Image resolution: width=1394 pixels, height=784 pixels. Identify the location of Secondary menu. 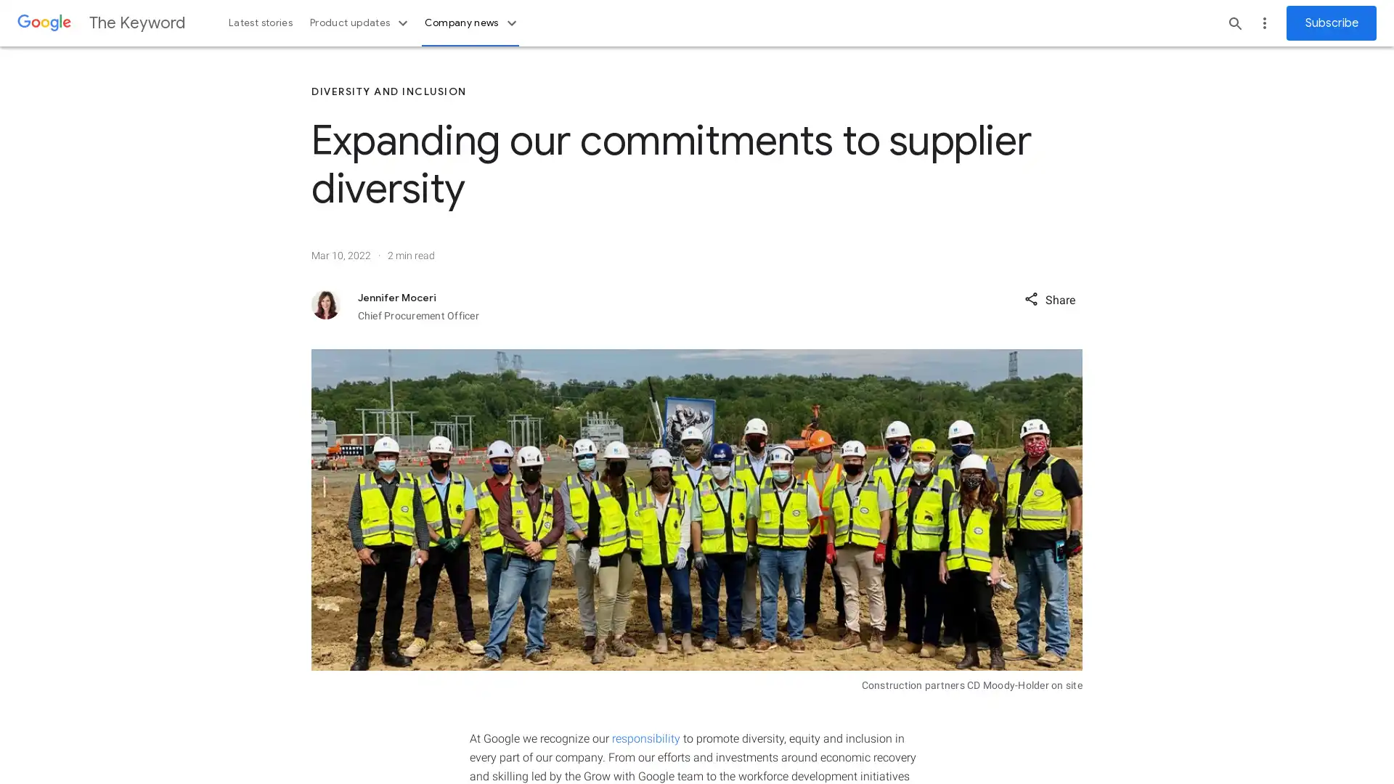
(1264, 23).